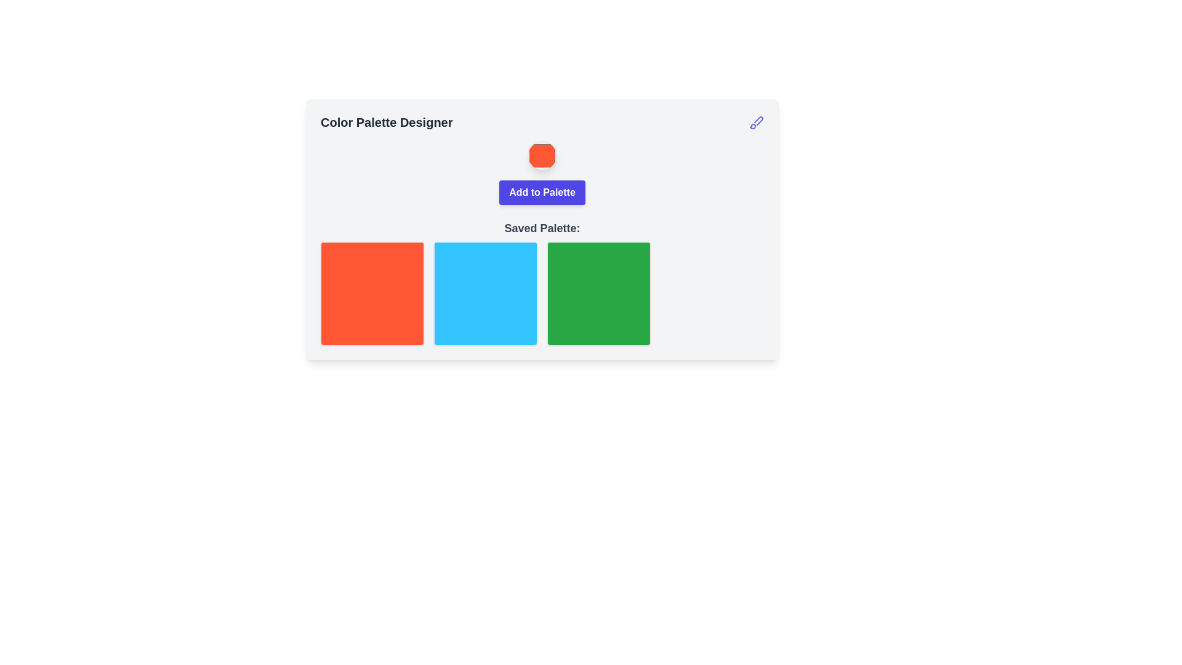  I want to click on text from the header label that designates the section for saved palette colors, located centrally below the 'Add to Palette' button and above the color grid, so click(542, 228).